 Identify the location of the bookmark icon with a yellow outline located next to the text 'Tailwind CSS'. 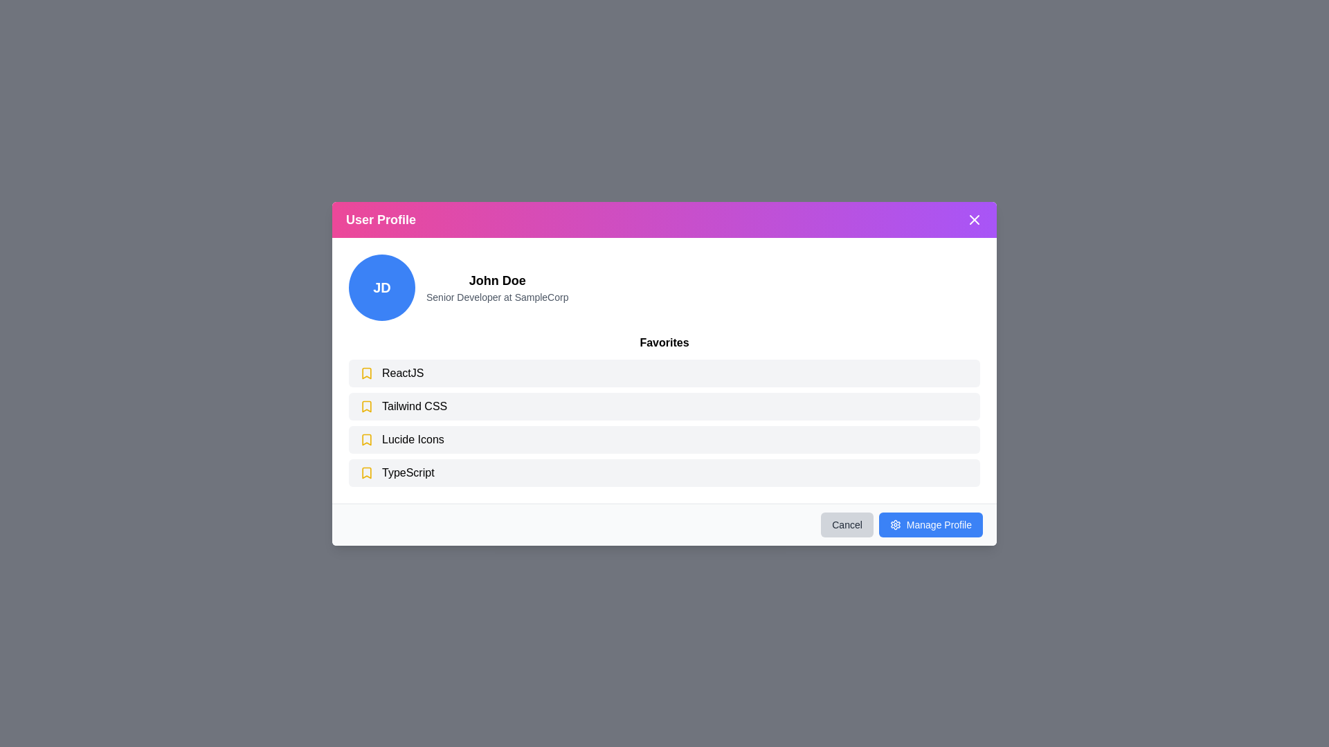
(366, 405).